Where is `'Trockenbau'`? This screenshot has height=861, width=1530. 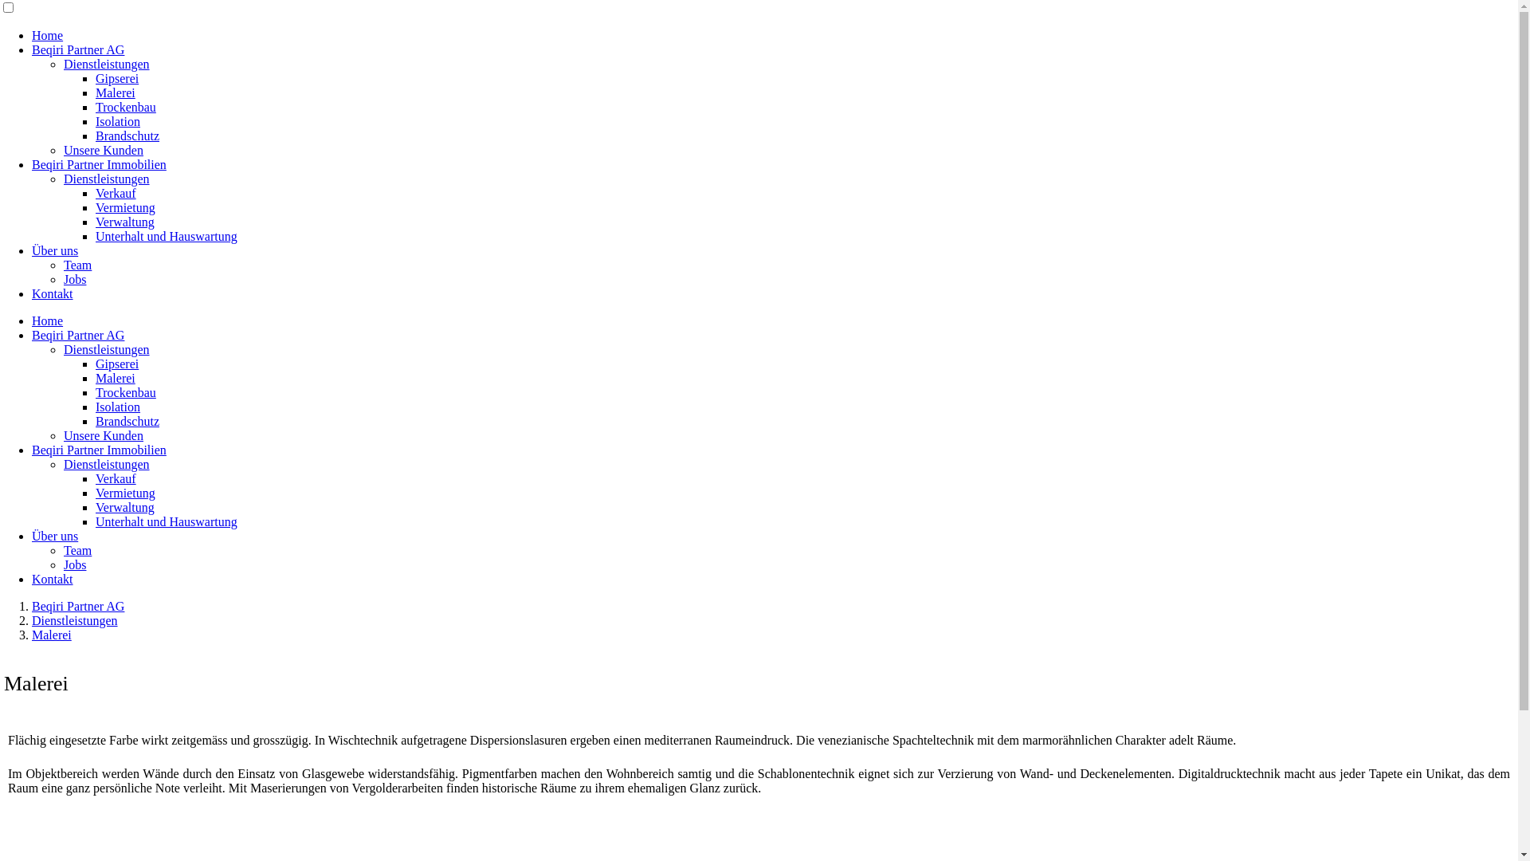 'Trockenbau' is located at coordinates (125, 107).